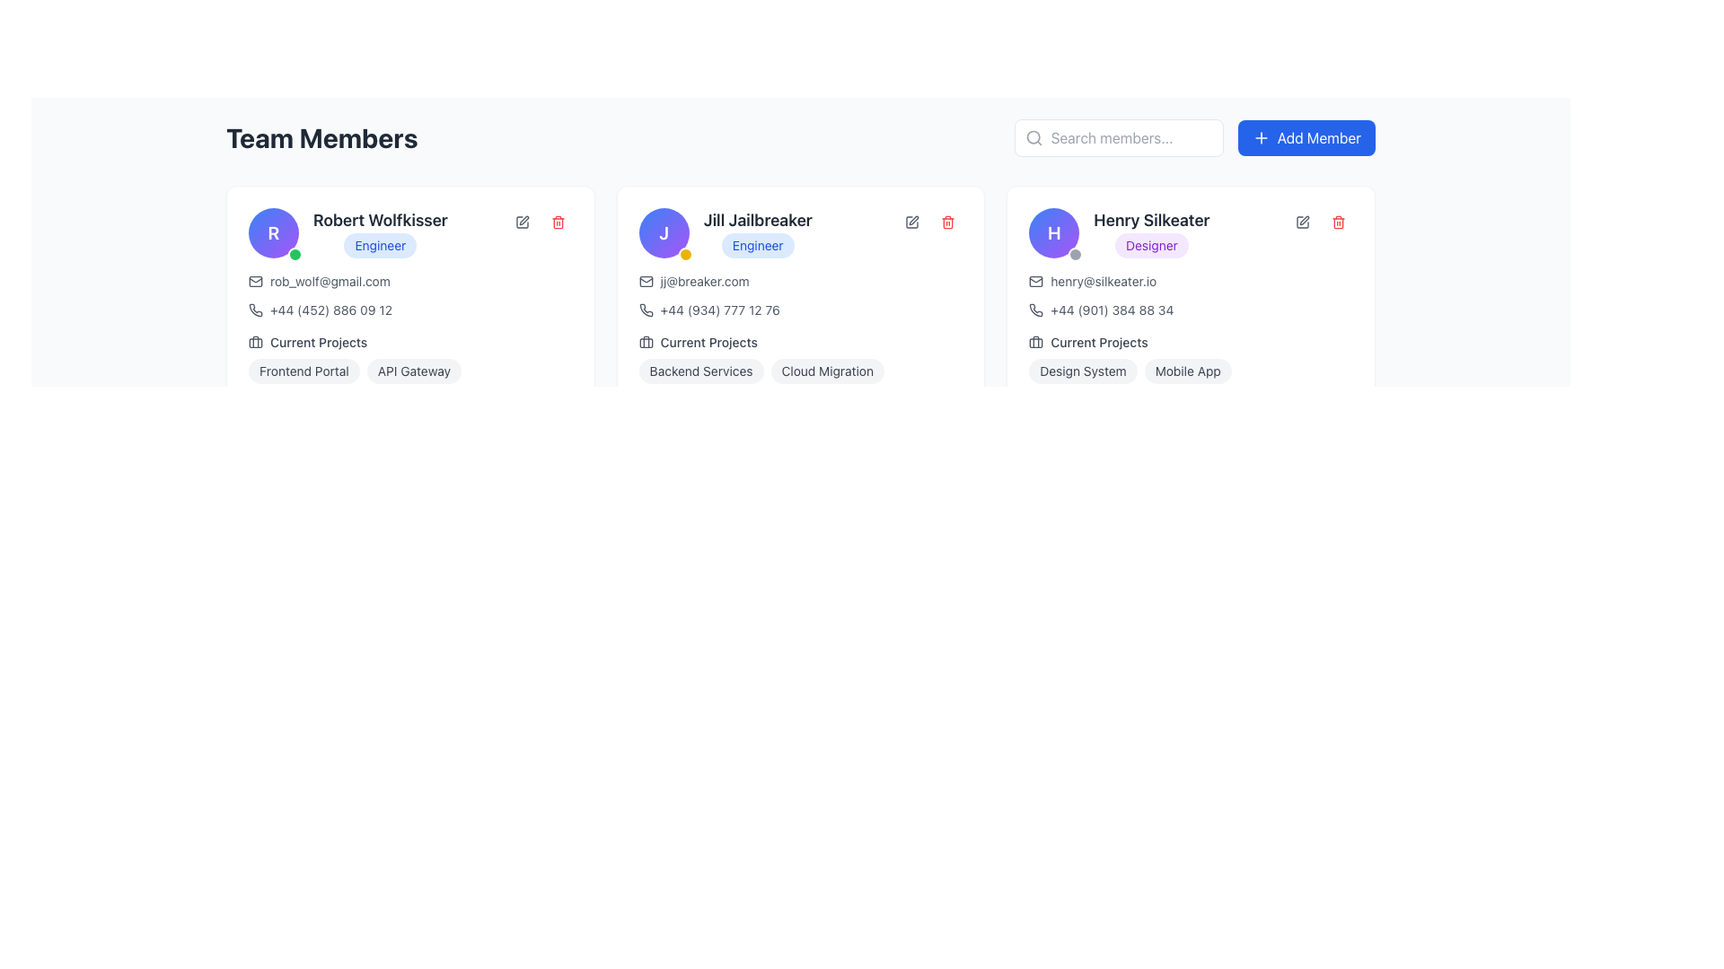 The width and height of the screenshot is (1724, 969). I want to click on the name section 'Henry Silkeater' in the Profile header section, which is located at the top of the third column in the 'Team Members' layout, so click(1118, 231).